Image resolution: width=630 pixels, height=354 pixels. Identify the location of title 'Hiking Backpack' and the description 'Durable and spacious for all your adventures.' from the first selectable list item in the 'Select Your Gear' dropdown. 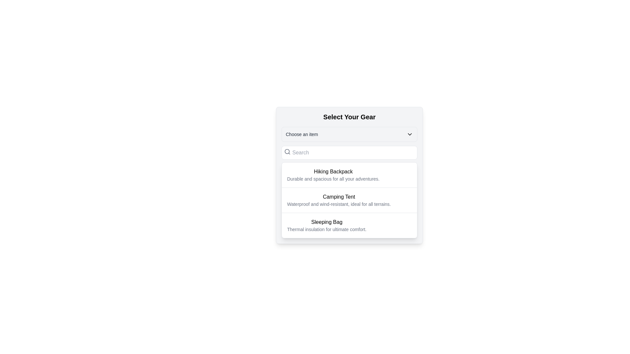
(333, 174).